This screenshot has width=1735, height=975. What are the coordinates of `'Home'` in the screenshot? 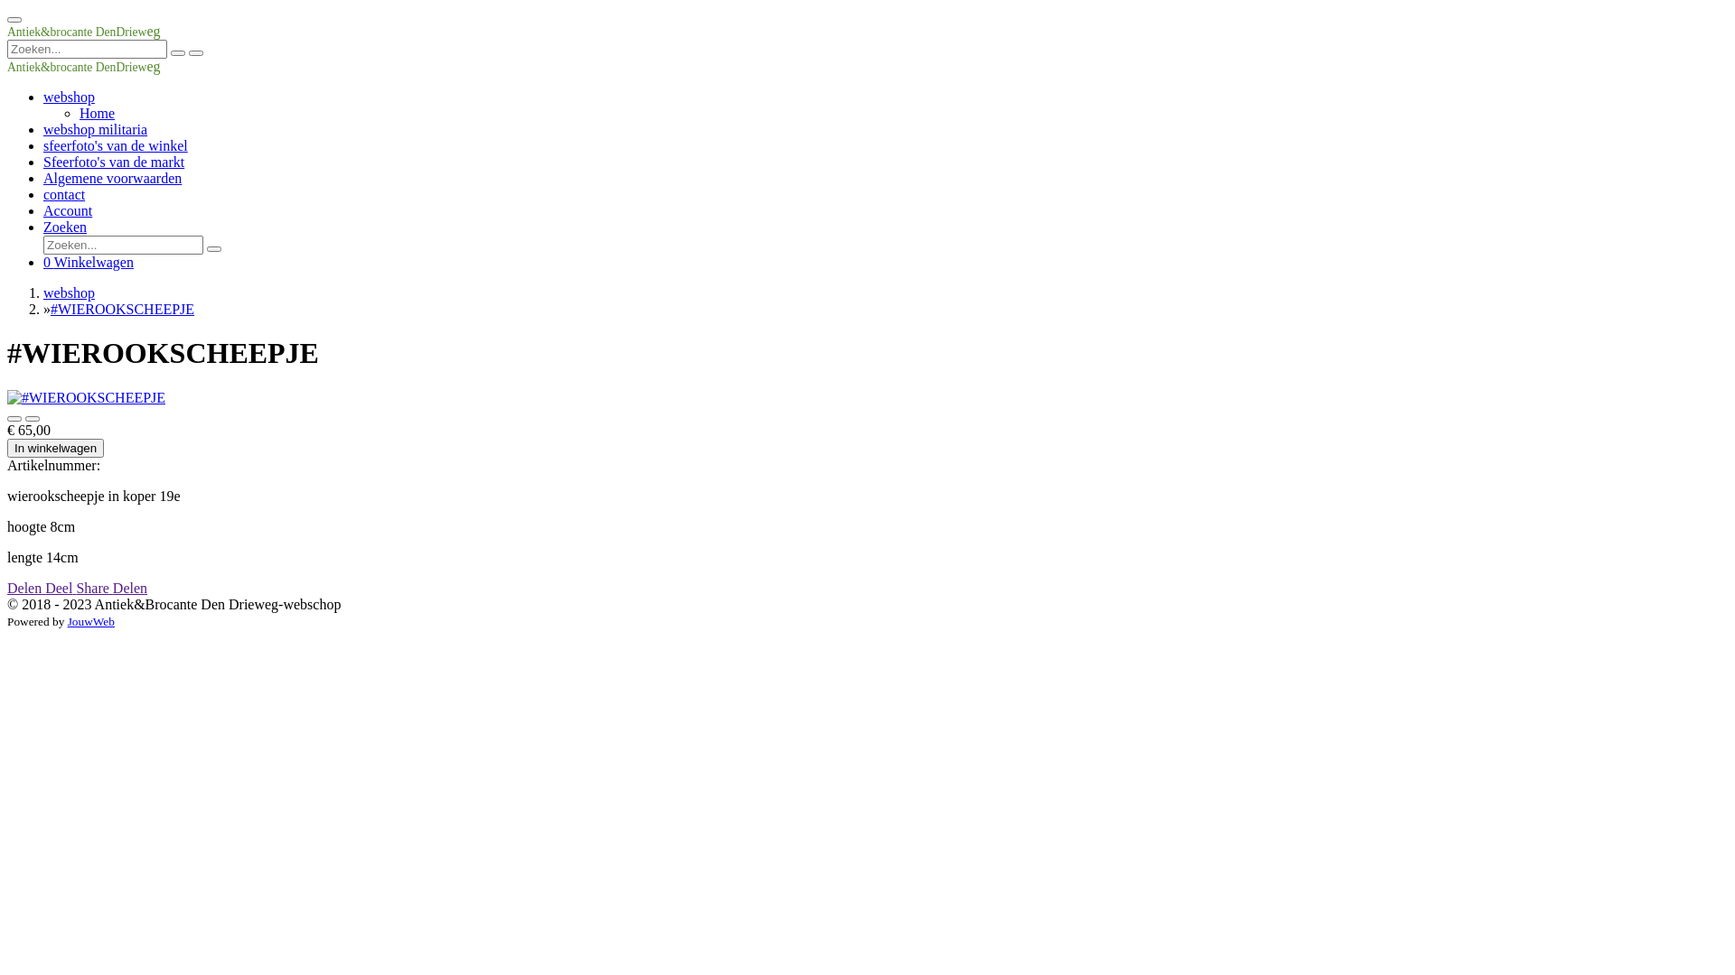 It's located at (78, 113).